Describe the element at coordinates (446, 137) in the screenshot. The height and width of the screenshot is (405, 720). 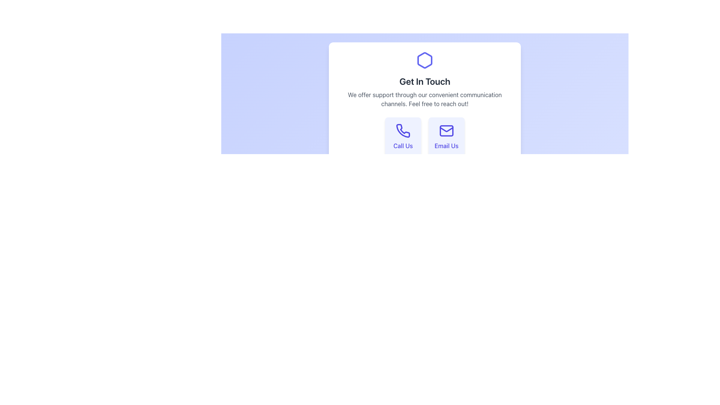
I see `the button with a light indigo background, rounded corners, and an envelope icon labeled 'Email Us', positioned to the right of the 'Call Us' button` at that location.